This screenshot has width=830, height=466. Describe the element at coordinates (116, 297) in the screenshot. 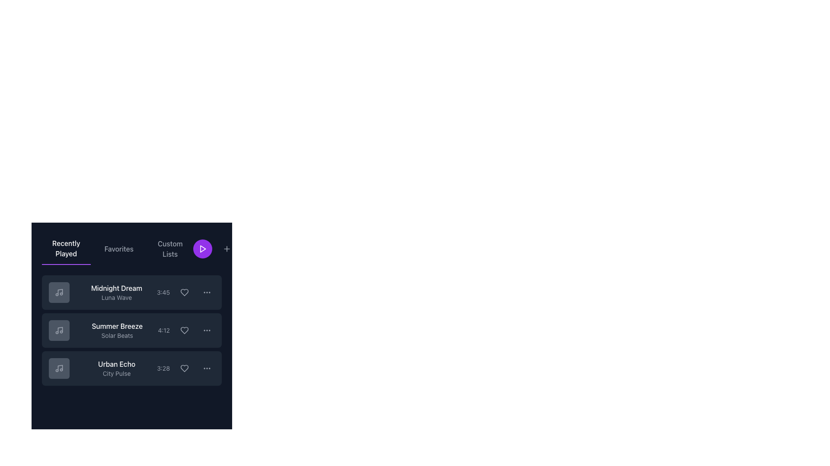

I see `the static text label reading 'Luna Wave', which is styled in small gray font and located below 'Midnight Dream' in the 'Recently Played' section` at that location.